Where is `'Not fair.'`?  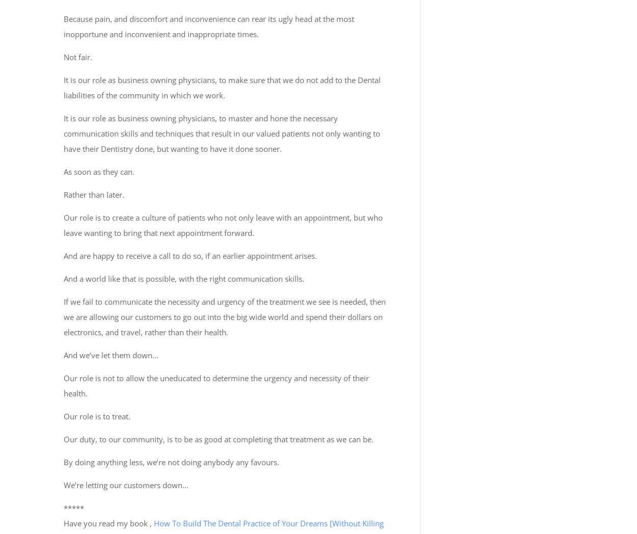
'Not fair.' is located at coordinates (78, 57).